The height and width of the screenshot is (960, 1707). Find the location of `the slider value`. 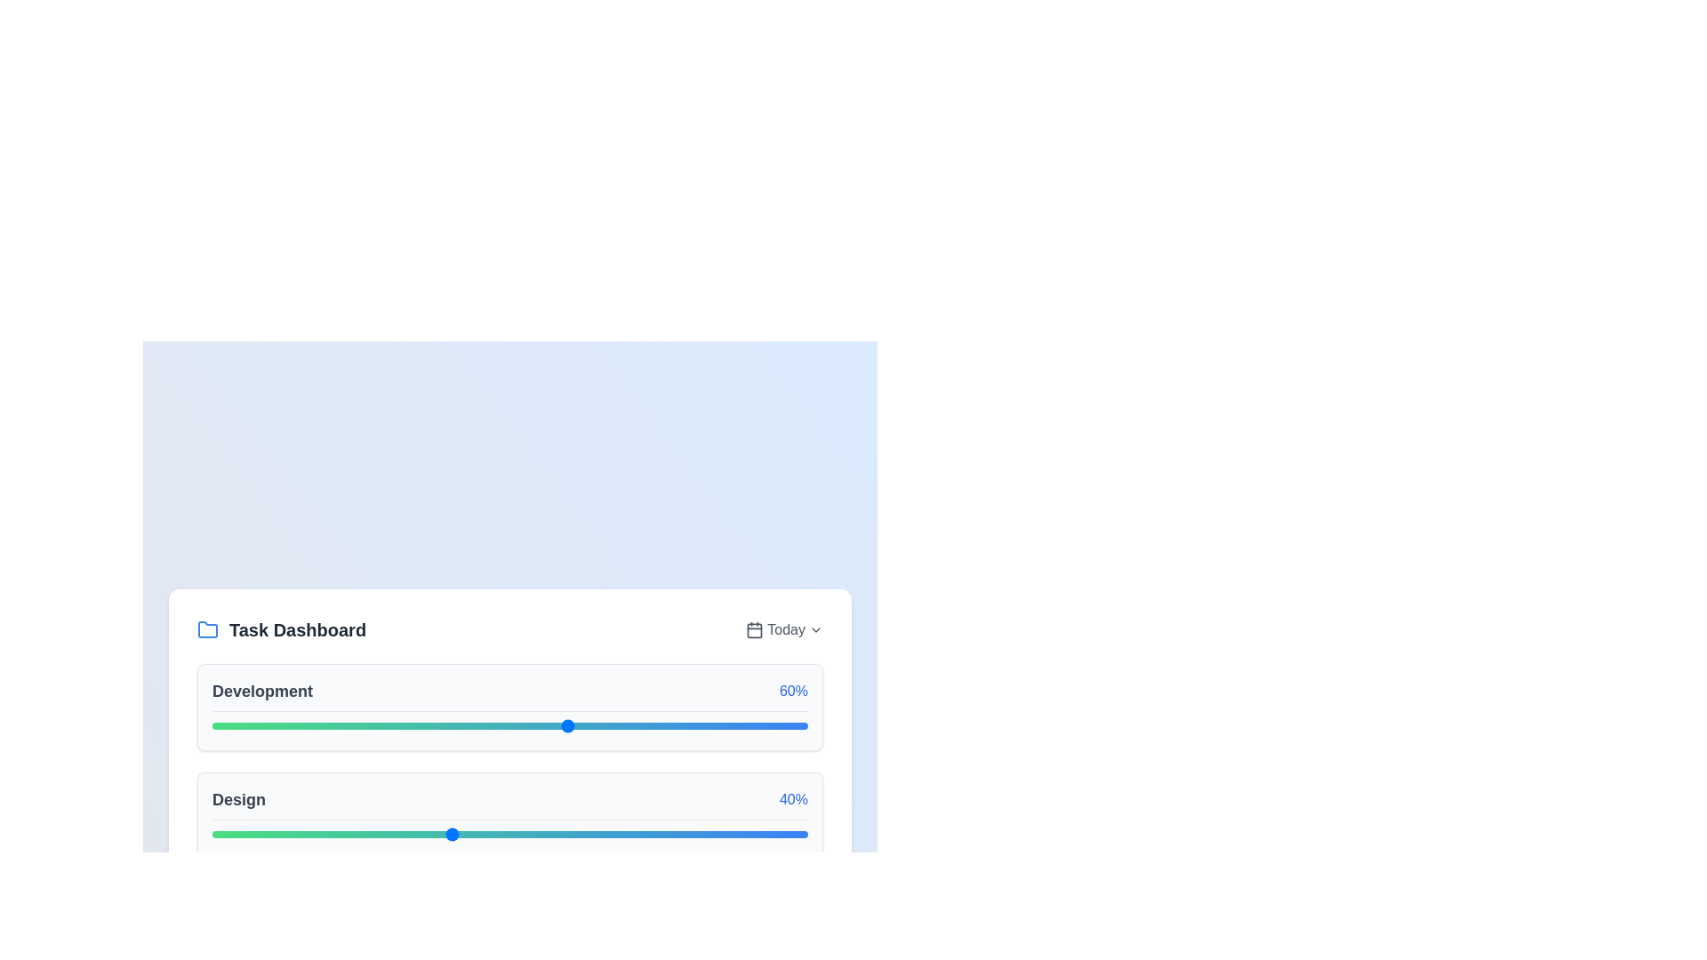

the slider value is located at coordinates (319, 941).